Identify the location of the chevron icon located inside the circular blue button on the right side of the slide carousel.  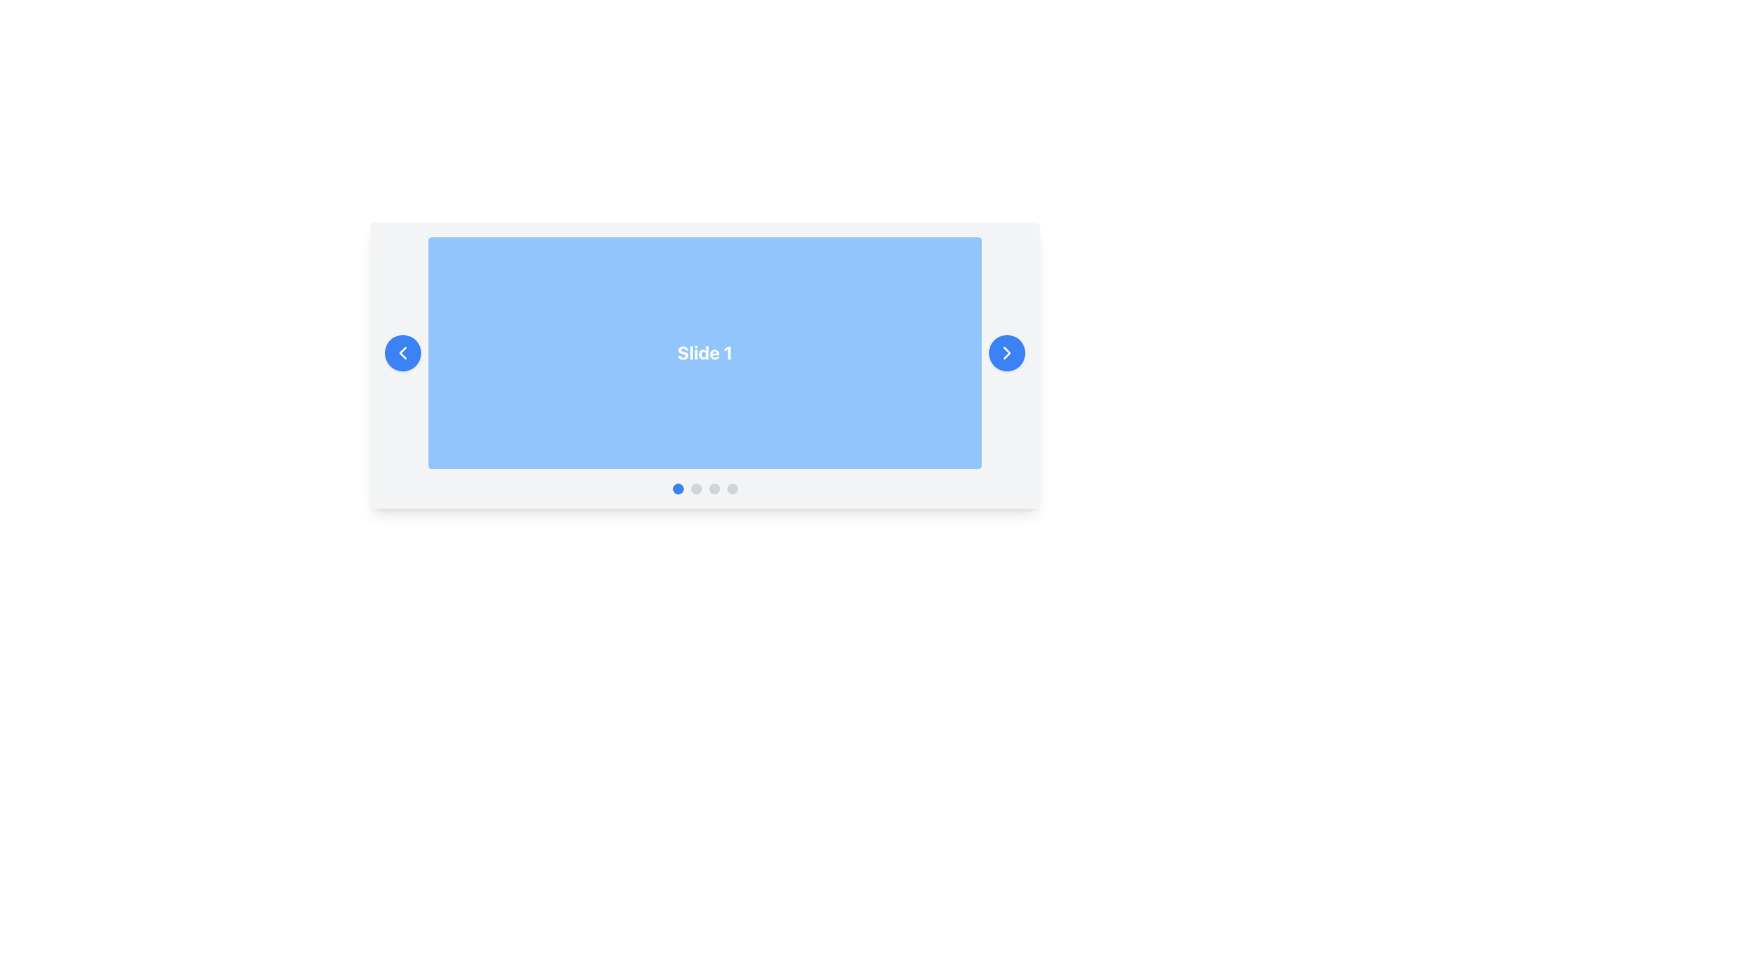
(1006, 352).